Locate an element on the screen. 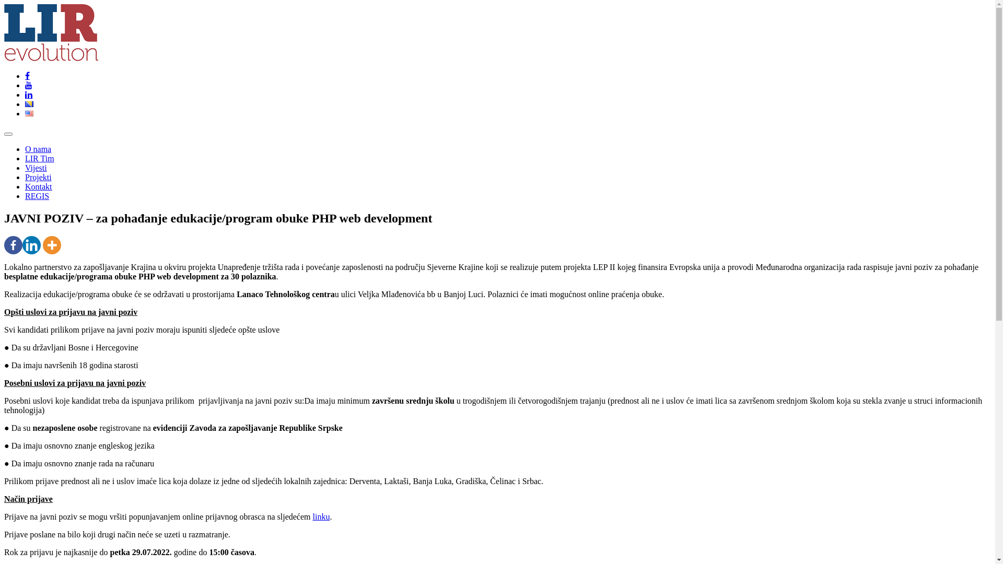 The height and width of the screenshot is (564, 1003). 'O nama' is located at coordinates (38, 149).